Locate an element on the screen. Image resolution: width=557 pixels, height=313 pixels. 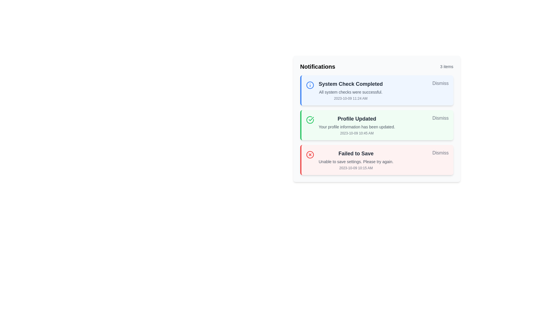
the main heading Text Label indicating a successful profile update is located at coordinates (357, 118).